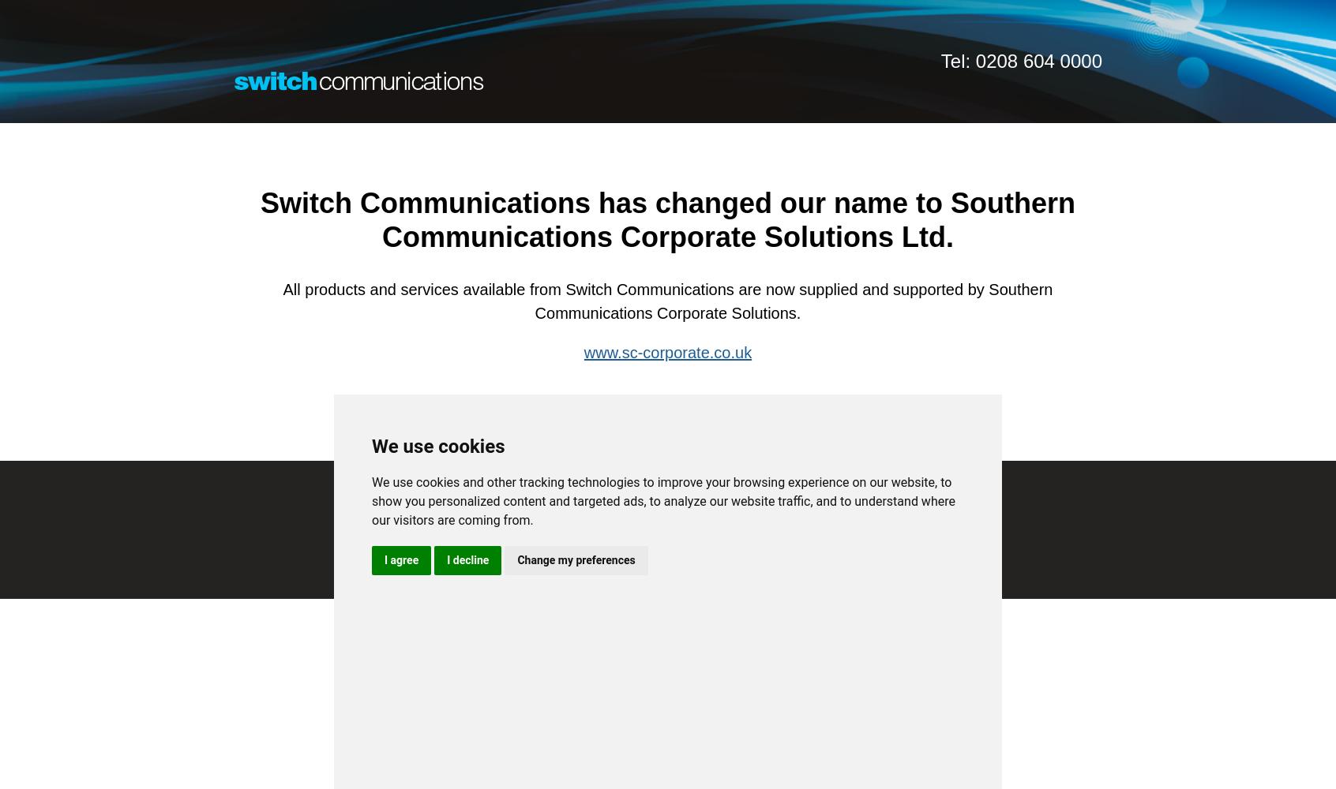 Image resolution: width=1336 pixels, height=789 pixels. I want to click on 'Privacy Policy', so click(667, 665).